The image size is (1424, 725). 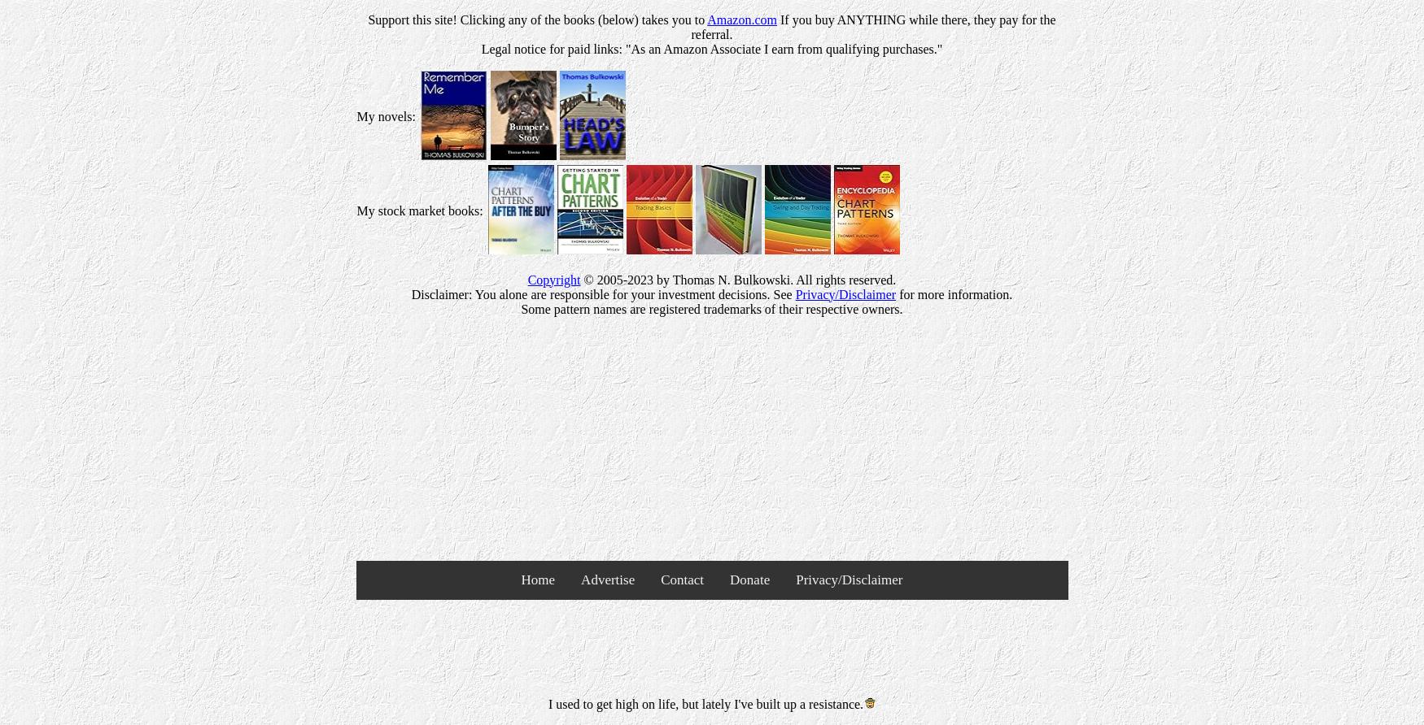 What do you see at coordinates (711, 48) in the screenshot?
I see `'Legal notice for paid links: "As an Amazon Associate I earn from qualifying purchases."'` at bounding box center [711, 48].